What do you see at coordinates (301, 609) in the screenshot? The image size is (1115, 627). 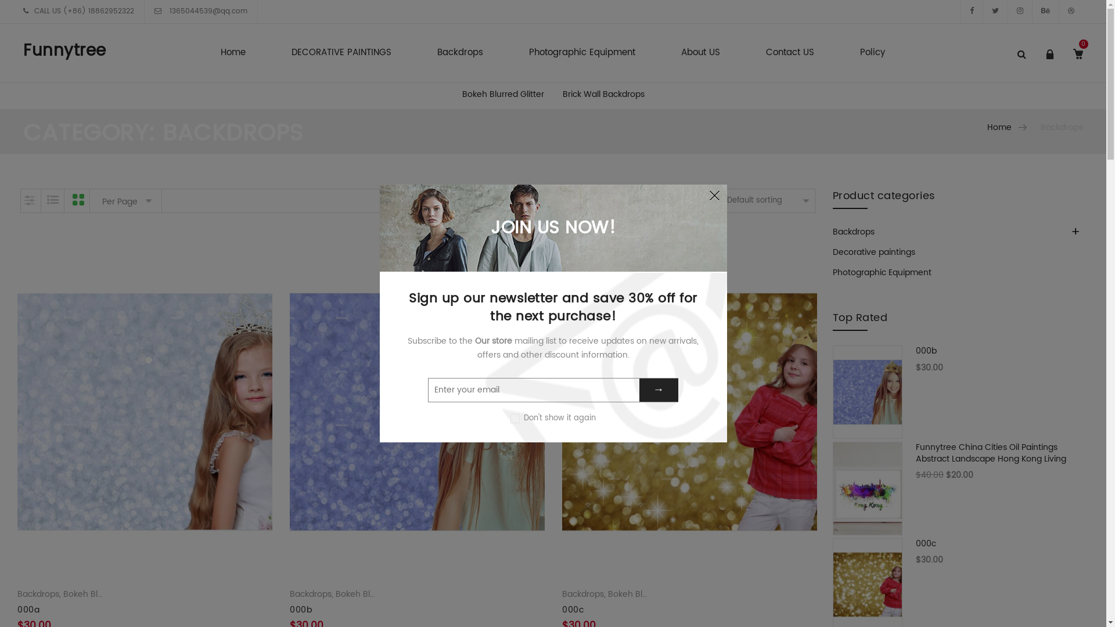 I see `'000b'` at bounding box center [301, 609].